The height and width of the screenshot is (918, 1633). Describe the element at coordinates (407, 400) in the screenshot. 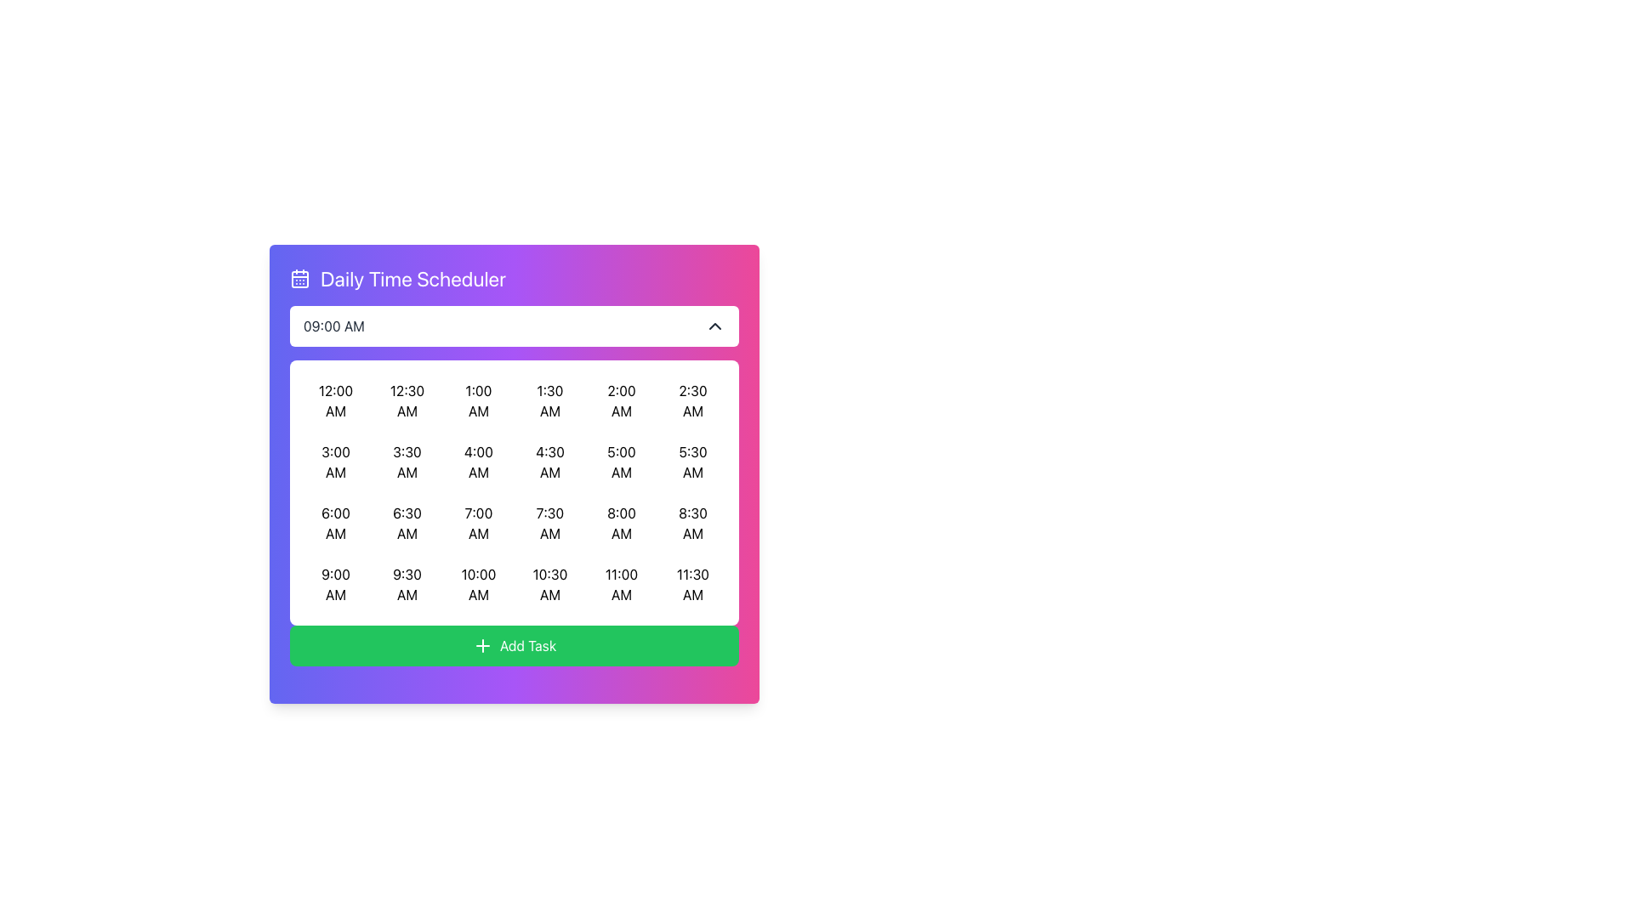

I see `the button-like interactive grid item that allows users to select '12:30 AM' as a time input option` at that location.